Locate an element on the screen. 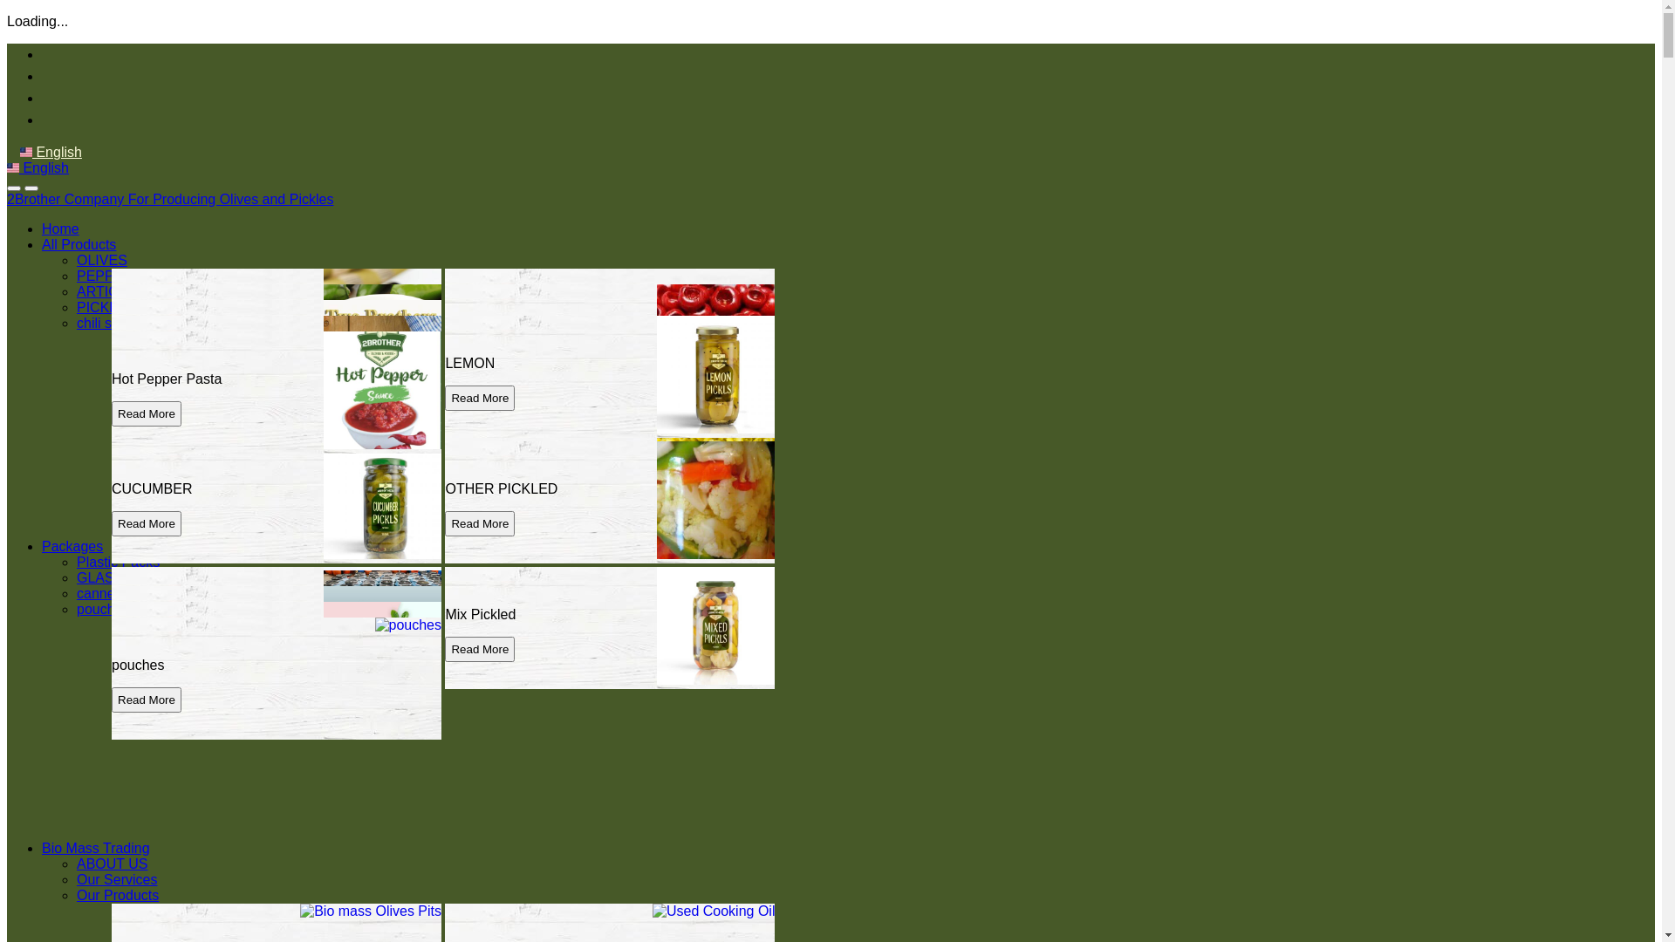 This screenshot has width=1675, height=942. 'plastic packs is located at coordinates (275, 631).